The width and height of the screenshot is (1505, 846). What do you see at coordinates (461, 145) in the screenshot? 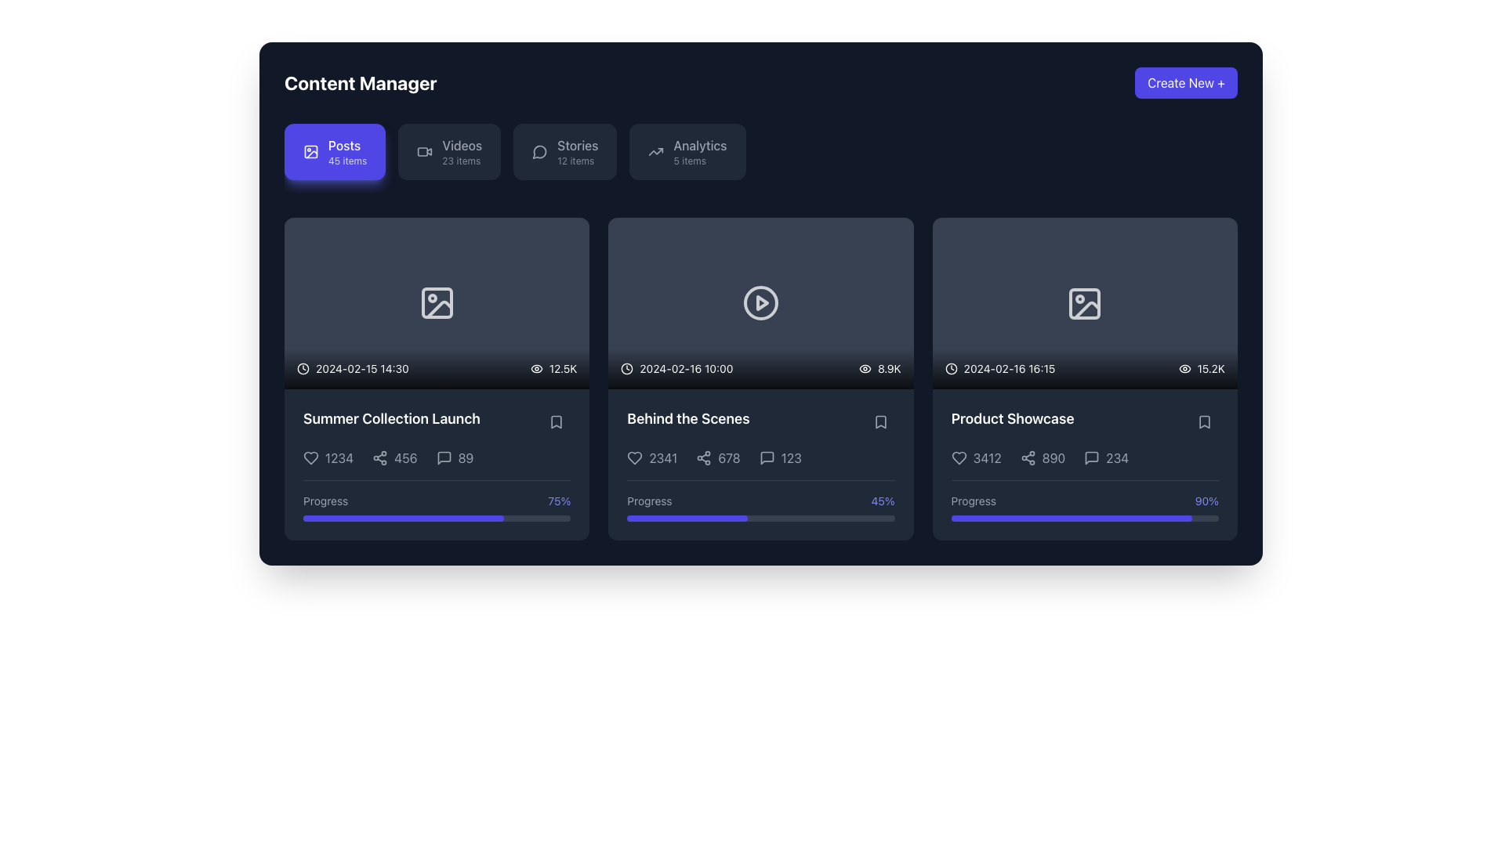
I see `the 'Videos' label, which is a prominent text label located at the top of the content area, directly to the right of the 'Posts' option and to the left of the 'Stories' option` at bounding box center [461, 145].